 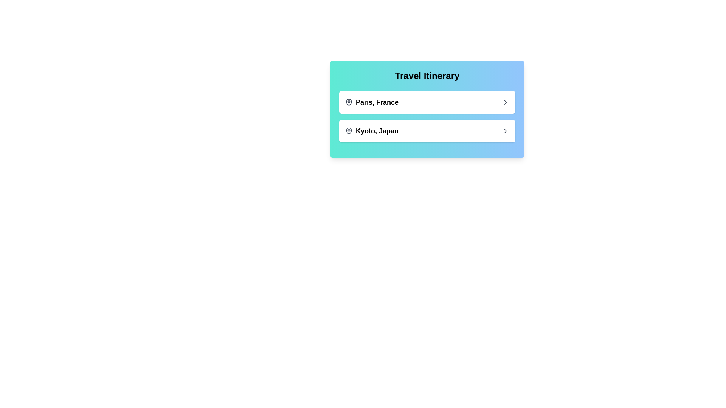 What do you see at coordinates (348, 102) in the screenshot?
I see `the map pin icon located to the left of the text 'Paris, France' in the first item of the 'Travel Itinerary' list` at bounding box center [348, 102].